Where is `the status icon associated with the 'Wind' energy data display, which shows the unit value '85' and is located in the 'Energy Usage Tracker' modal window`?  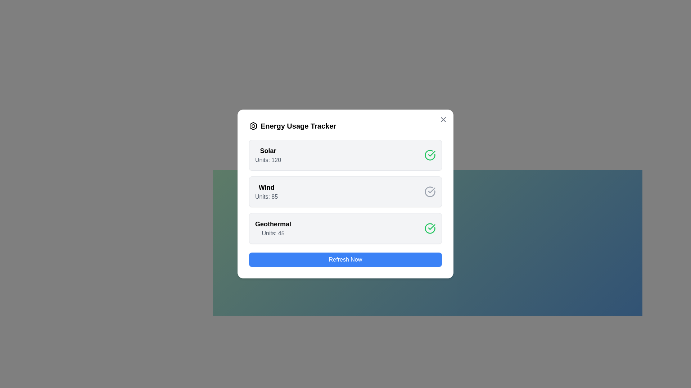
the status icon associated with the 'Wind' energy data display, which shows the unit value '85' and is located in the 'Energy Usage Tracker' modal window is located at coordinates (345, 191).